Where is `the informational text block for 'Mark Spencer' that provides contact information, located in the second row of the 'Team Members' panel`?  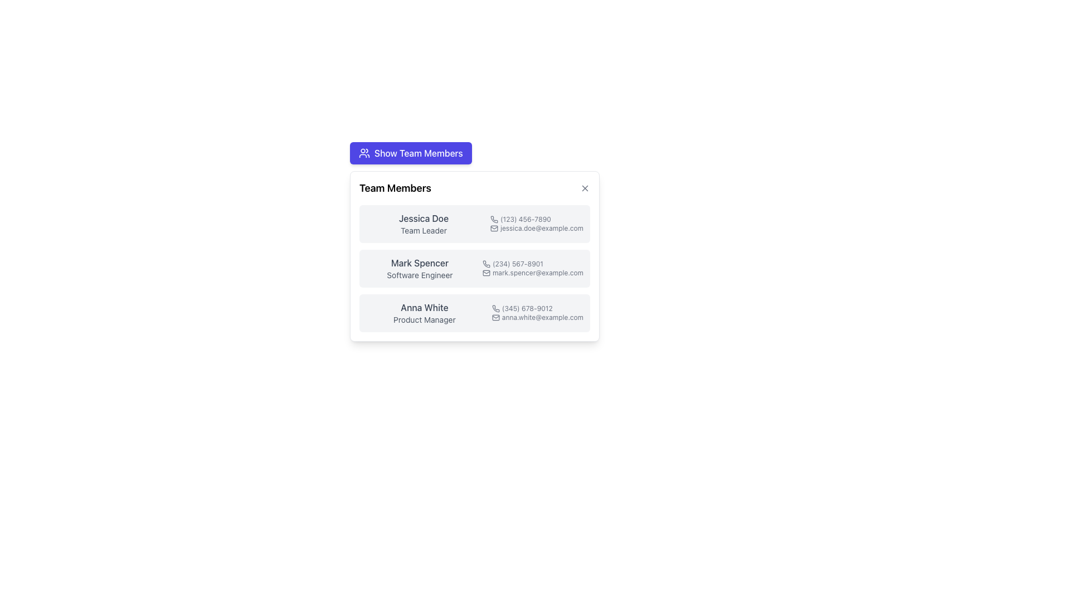 the informational text block for 'Mark Spencer' that provides contact information, located in the second row of the 'Team Members' panel is located at coordinates (532, 269).